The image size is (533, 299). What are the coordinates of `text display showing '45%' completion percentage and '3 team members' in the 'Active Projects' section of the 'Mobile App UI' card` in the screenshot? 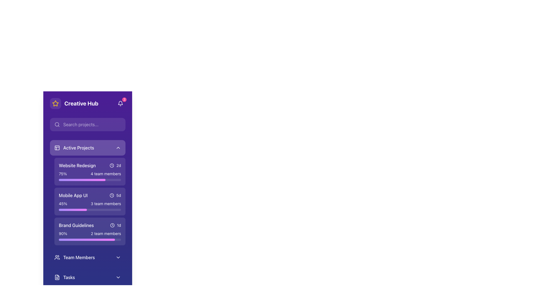 It's located at (90, 204).